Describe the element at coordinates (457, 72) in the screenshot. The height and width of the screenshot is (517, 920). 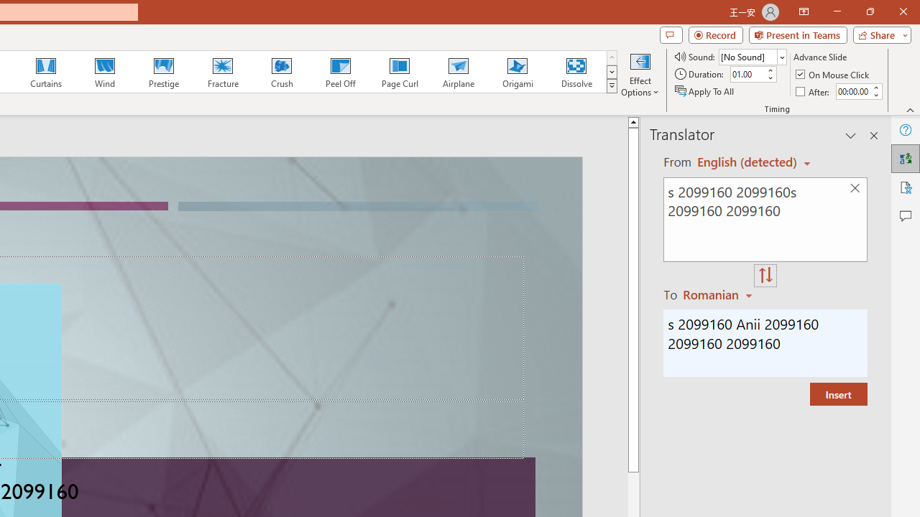
I see `'Airplane'` at that location.